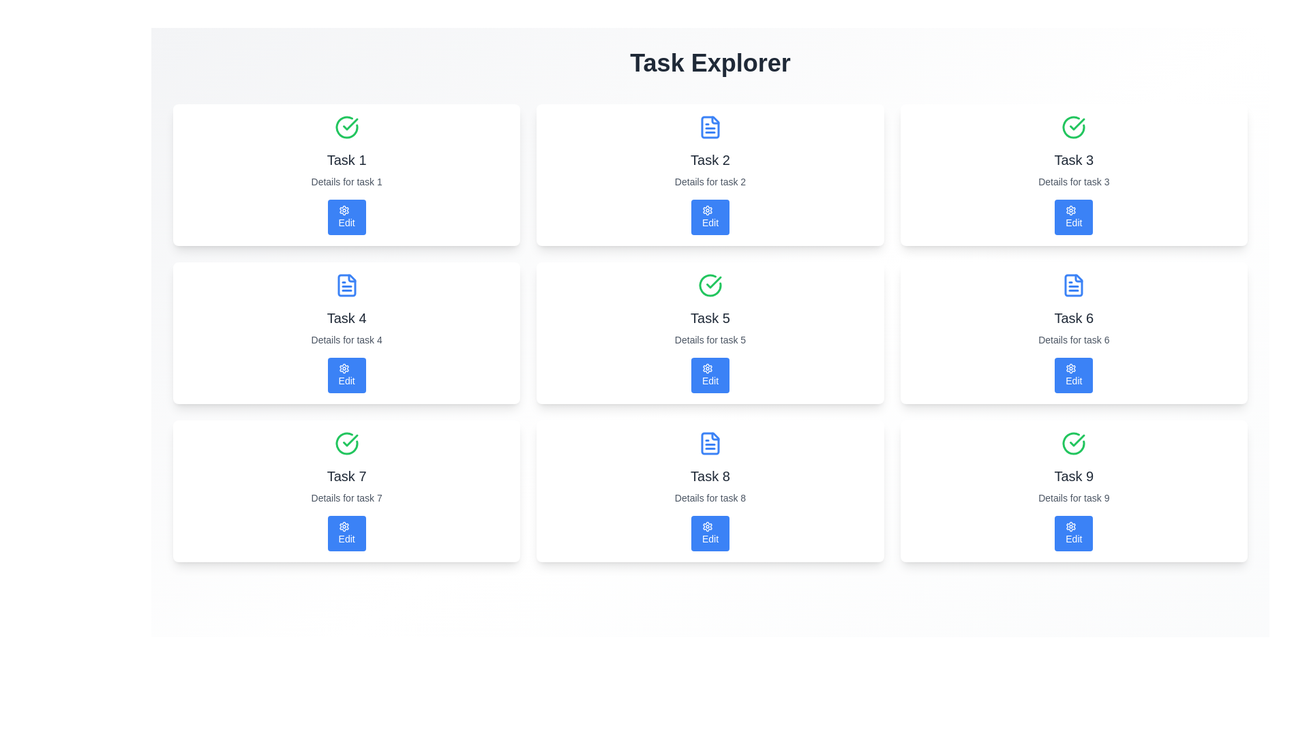  What do you see at coordinates (346, 444) in the screenshot?
I see `the status indicator icon located in the third row, first column above 'Task 7' to indicate a completed or verified task` at bounding box center [346, 444].